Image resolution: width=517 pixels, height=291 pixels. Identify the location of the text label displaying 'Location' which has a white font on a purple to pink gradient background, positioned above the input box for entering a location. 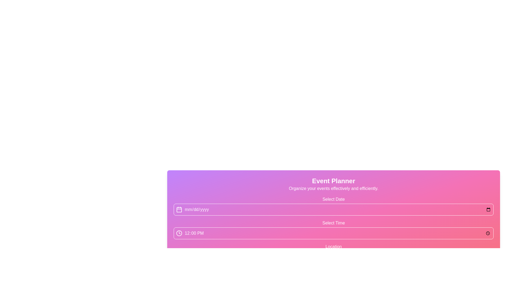
(333, 247).